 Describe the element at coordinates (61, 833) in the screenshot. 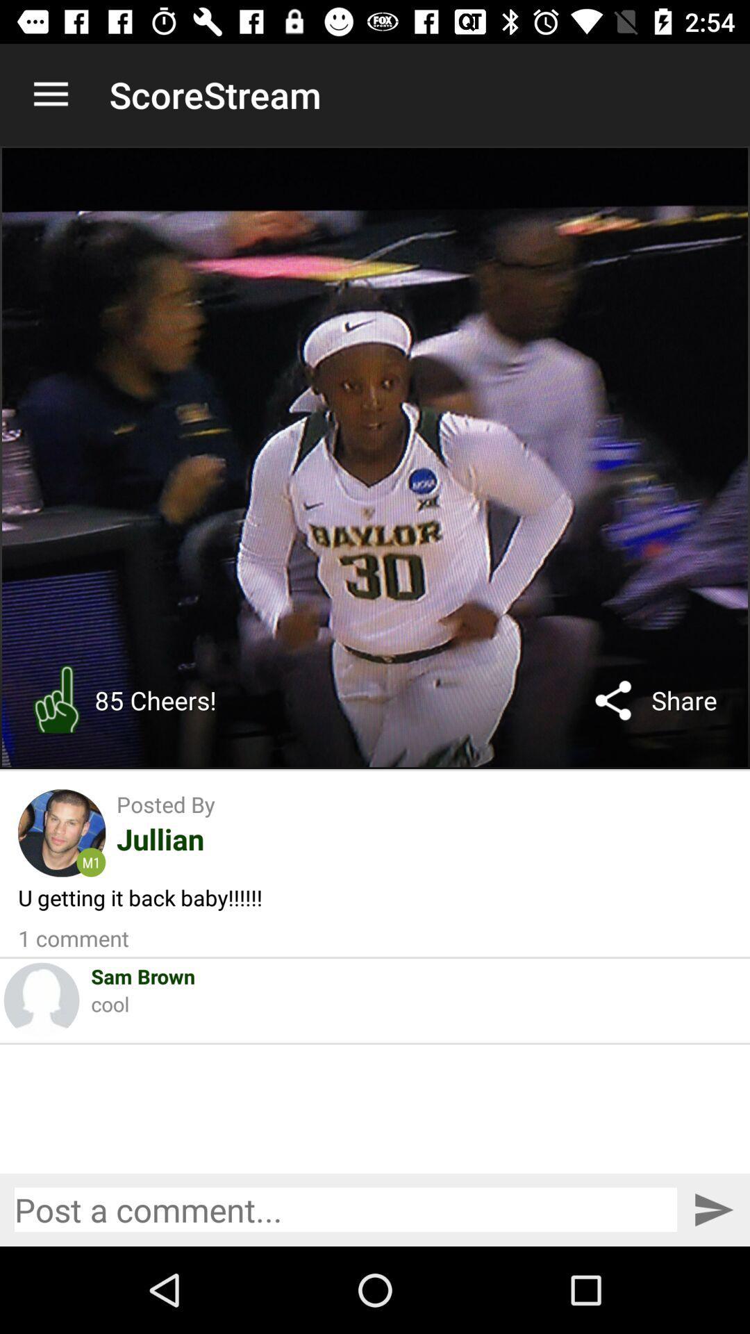

I see `icon above the u getting it icon` at that location.